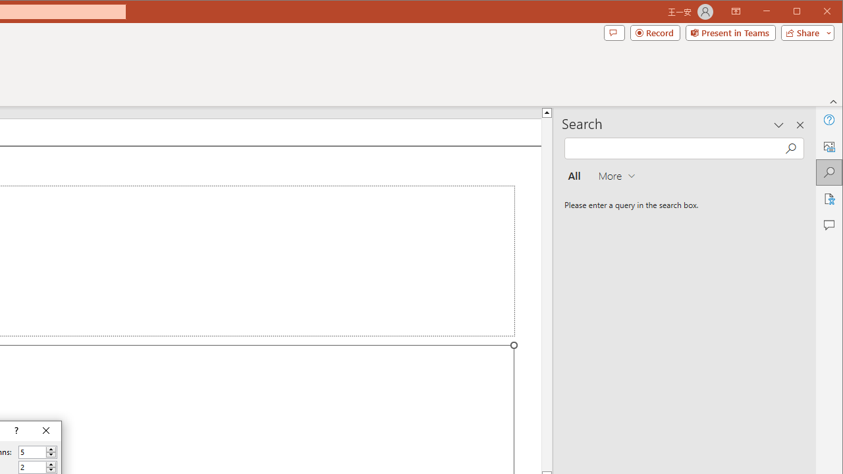 The image size is (843, 474). I want to click on 'Maximize', so click(815, 13).